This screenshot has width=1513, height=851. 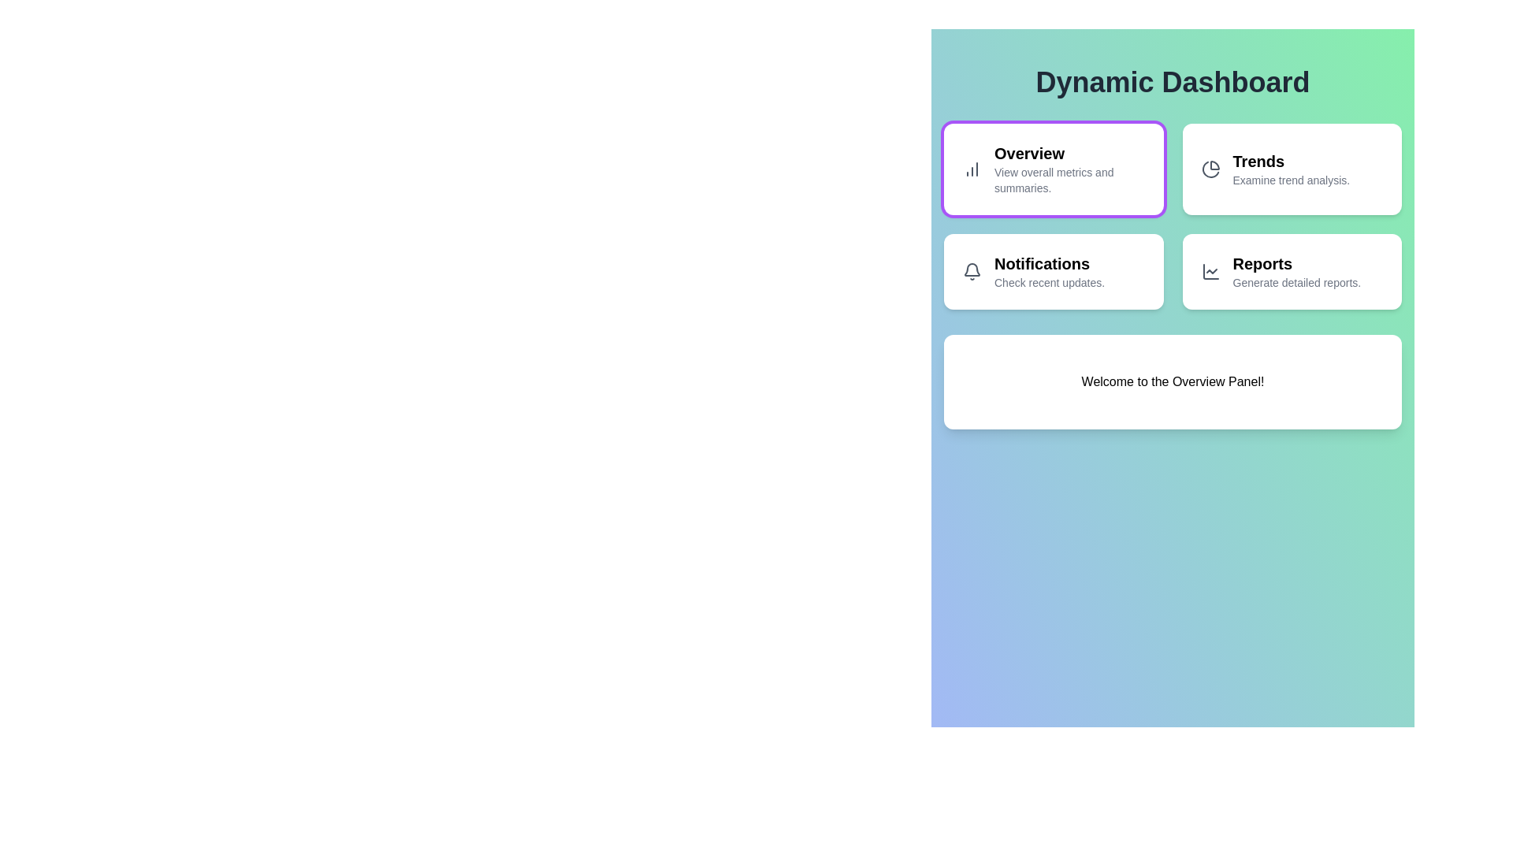 What do you see at coordinates (1292, 270) in the screenshot?
I see `the Reports panel by clicking its button` at bounding box center [1292, 270].